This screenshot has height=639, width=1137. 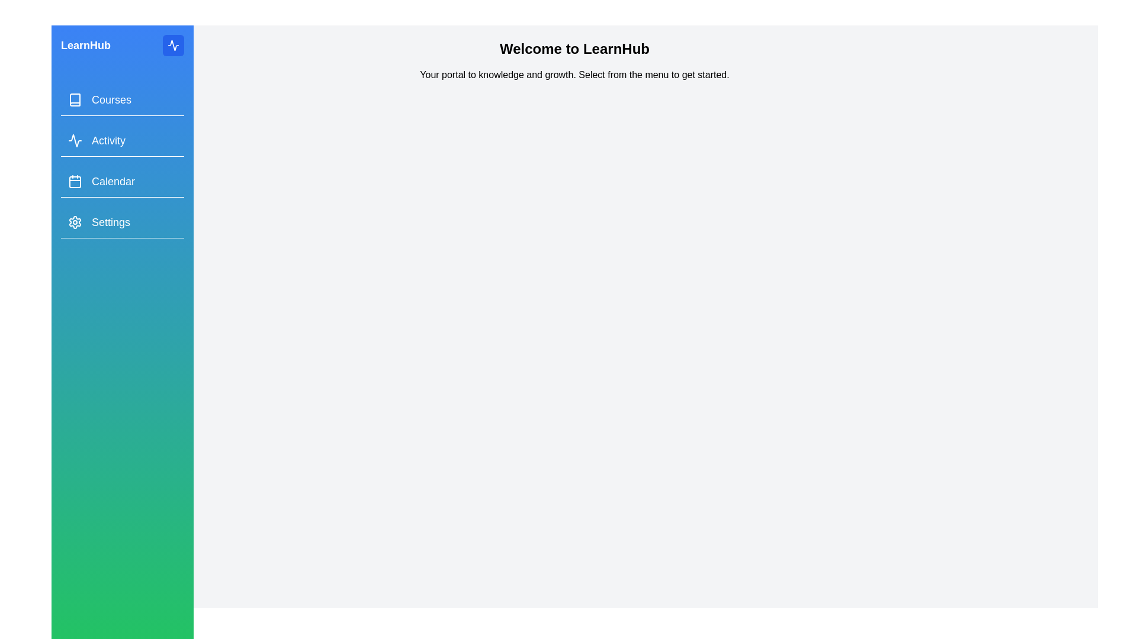 I want to click on the menu item Settings from the drawer, so click(x=122, y=222).